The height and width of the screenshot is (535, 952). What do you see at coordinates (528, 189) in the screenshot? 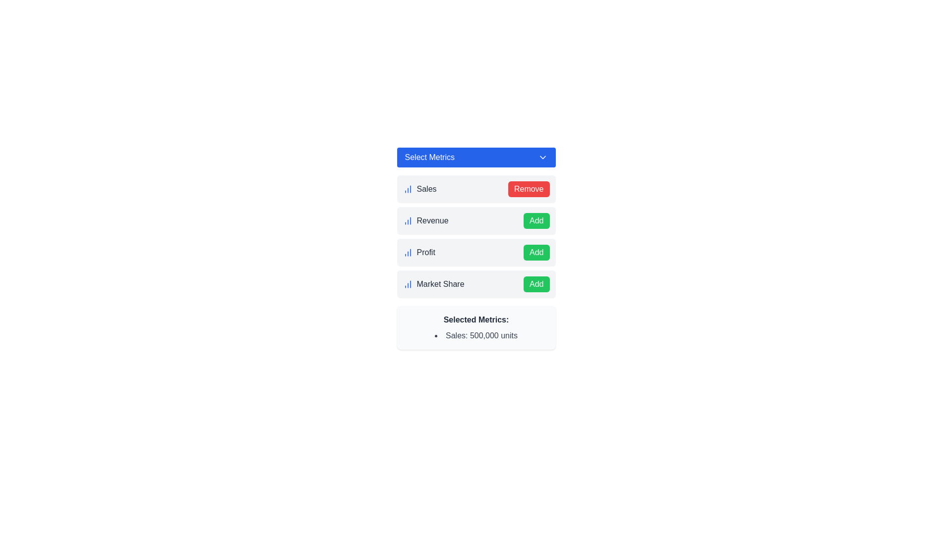
I see `the rectangular red button with white text that reads 'Remove' located next to 'Sales'` at bounding box center [528, 189].